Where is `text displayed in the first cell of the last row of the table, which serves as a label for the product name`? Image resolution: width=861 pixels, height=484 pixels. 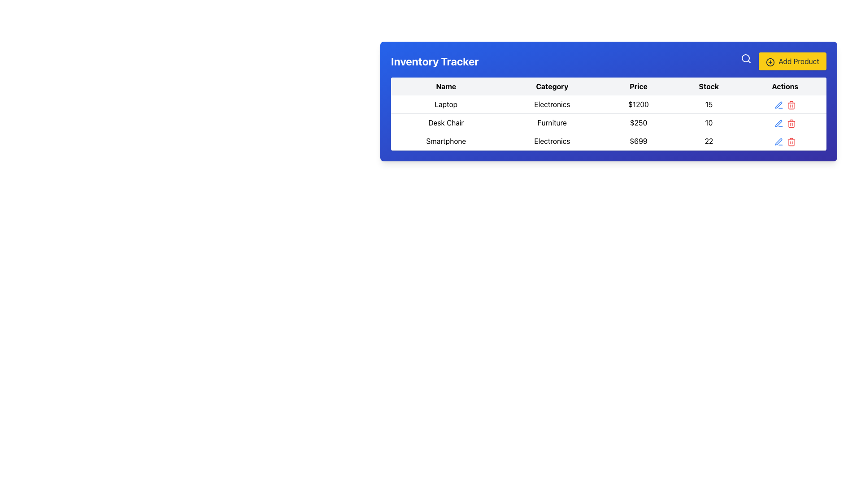
text displayed in the first cell of the last row of the table, which serves as a label for the product name is located at coordinates (446, 141).